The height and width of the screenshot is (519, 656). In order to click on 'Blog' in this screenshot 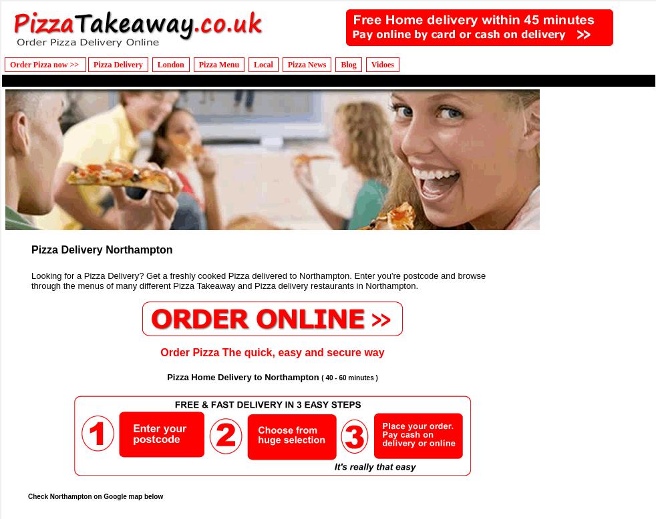, I will do `click(347, 64)`.